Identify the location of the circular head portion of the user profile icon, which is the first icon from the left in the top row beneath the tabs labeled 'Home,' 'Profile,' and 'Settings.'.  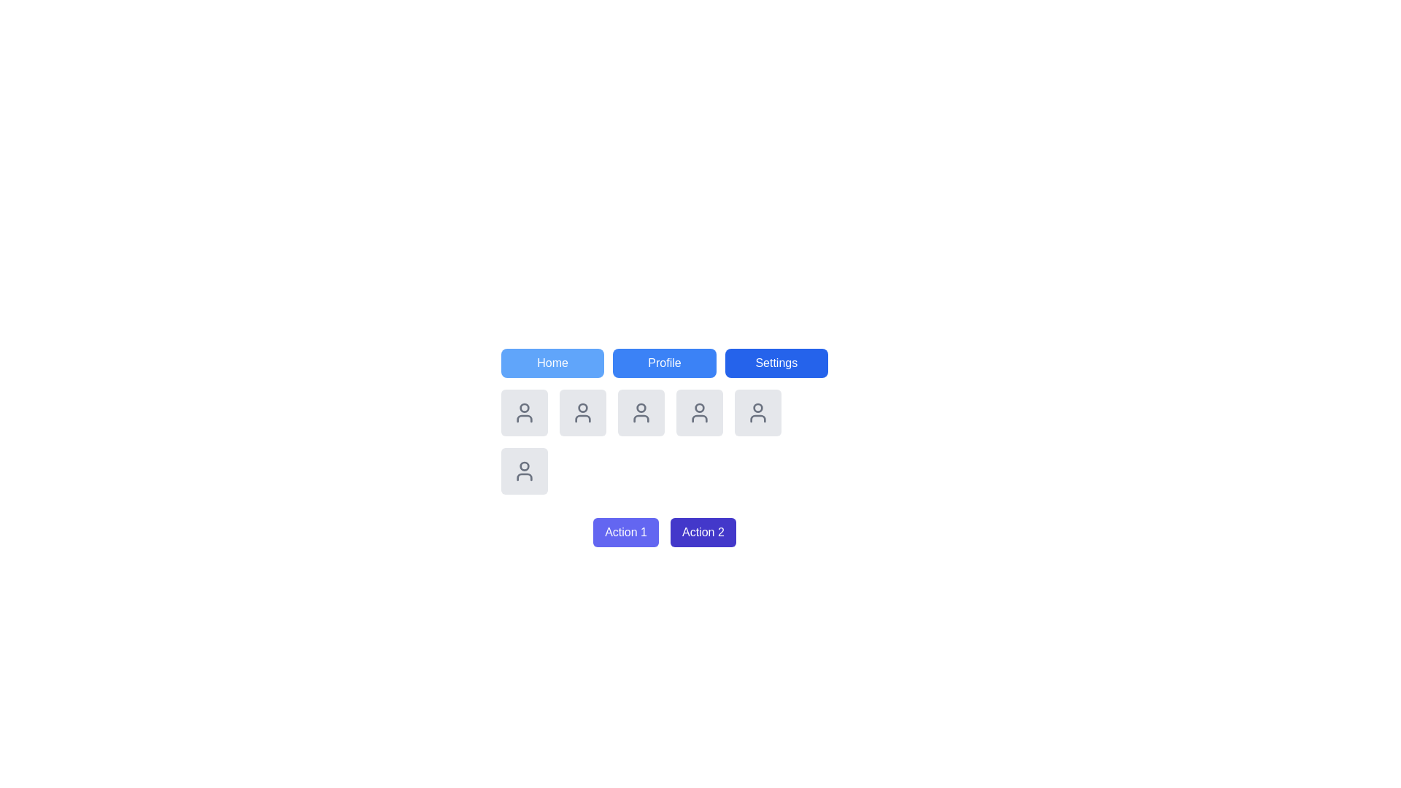
(525, 408).